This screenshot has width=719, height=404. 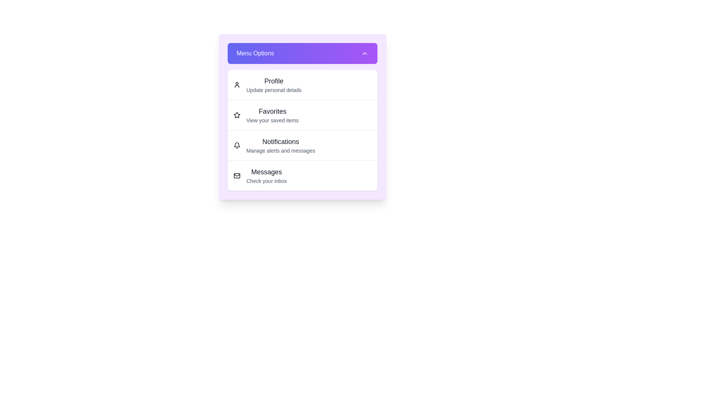 I want to click on the menu option Favorites from the list, so click(x=302, y=115).